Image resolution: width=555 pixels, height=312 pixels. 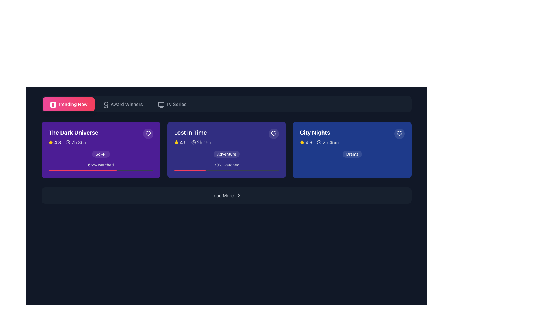 What do you see at coordinates (308, 142) in the screenshot?
I see `the rating text label for the movie 'City Nights', which is located to the right of the yellow star icon and above the duration text ('2h 45m'). This is the only rating text in the rightmost movie card` at bounding box center [308, 142].